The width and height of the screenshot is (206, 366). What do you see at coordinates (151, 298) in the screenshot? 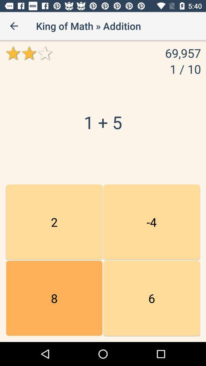
I see `the item at the bottom right corner` at bounding box center [151, 298].